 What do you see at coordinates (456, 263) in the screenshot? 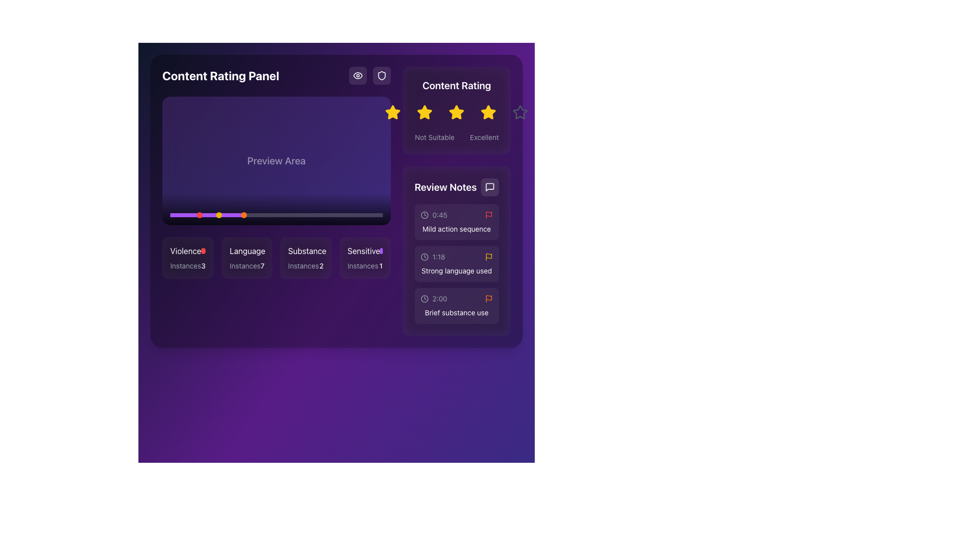
I see `contextual notes associated with the second entry in the vertical list of three items located in the 'Review Notes' section below the 'Content Rating' section` at bounding box center [456, 263].